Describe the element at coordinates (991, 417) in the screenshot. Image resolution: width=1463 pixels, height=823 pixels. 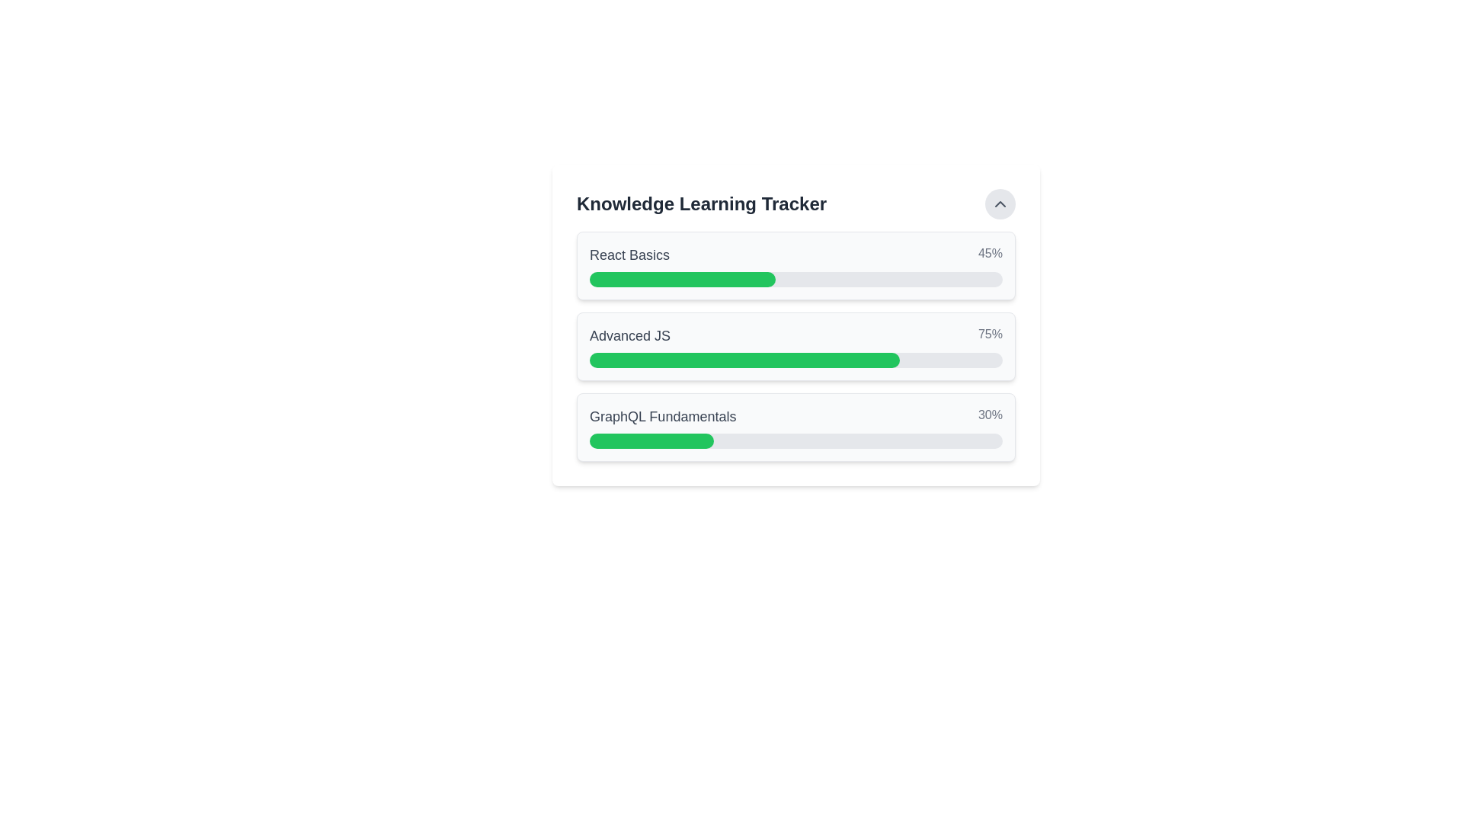
I see `the text label displaying '30%' in gray, which indicates progress and is located to the right of the 'GraphQL Fundamentals' label` at that location.